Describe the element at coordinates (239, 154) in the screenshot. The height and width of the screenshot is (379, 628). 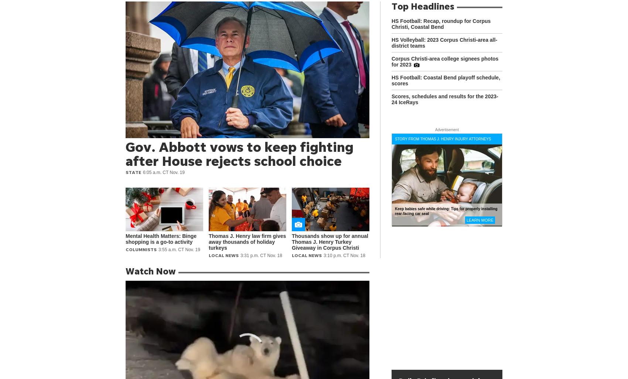
I see `'Gov. Abbott vows to keep fighting after House rejects school choice'` at that location.